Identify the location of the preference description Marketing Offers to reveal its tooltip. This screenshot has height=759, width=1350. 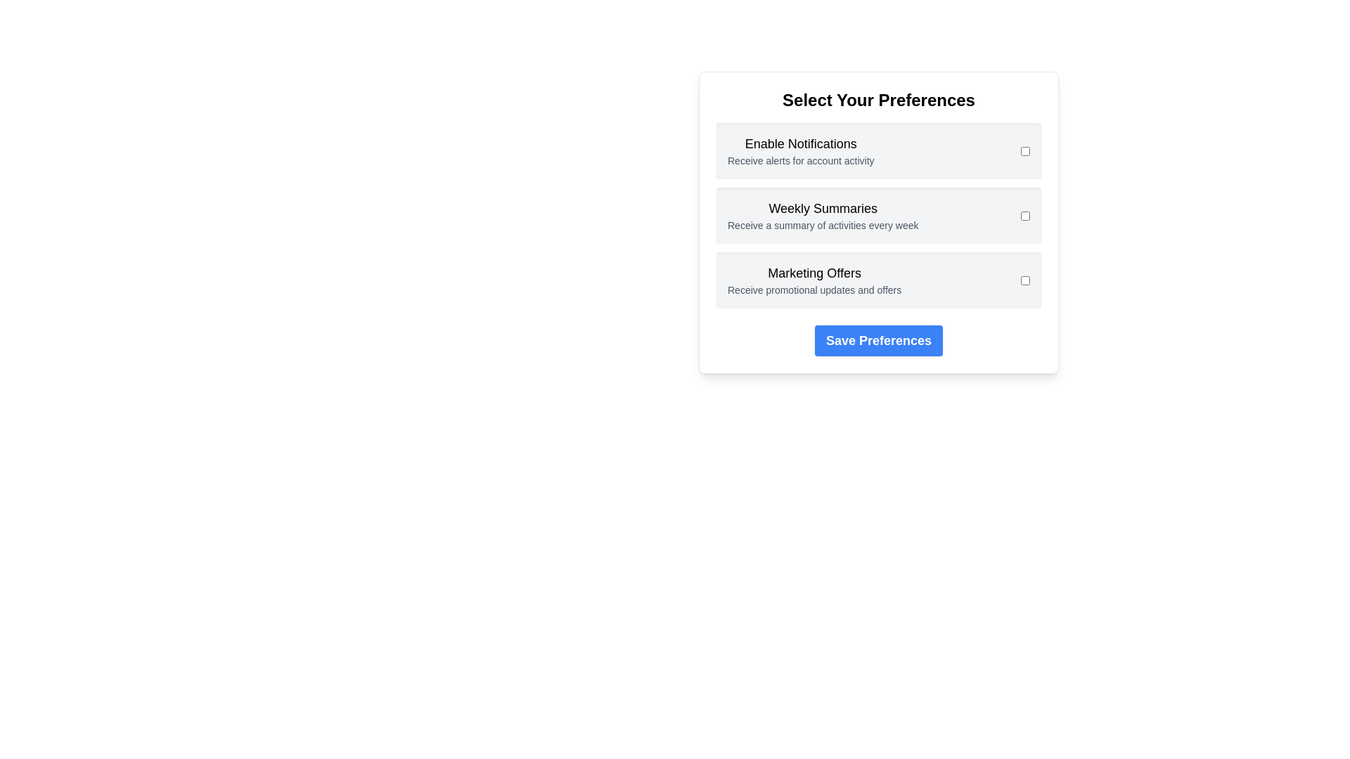
(814, 289).